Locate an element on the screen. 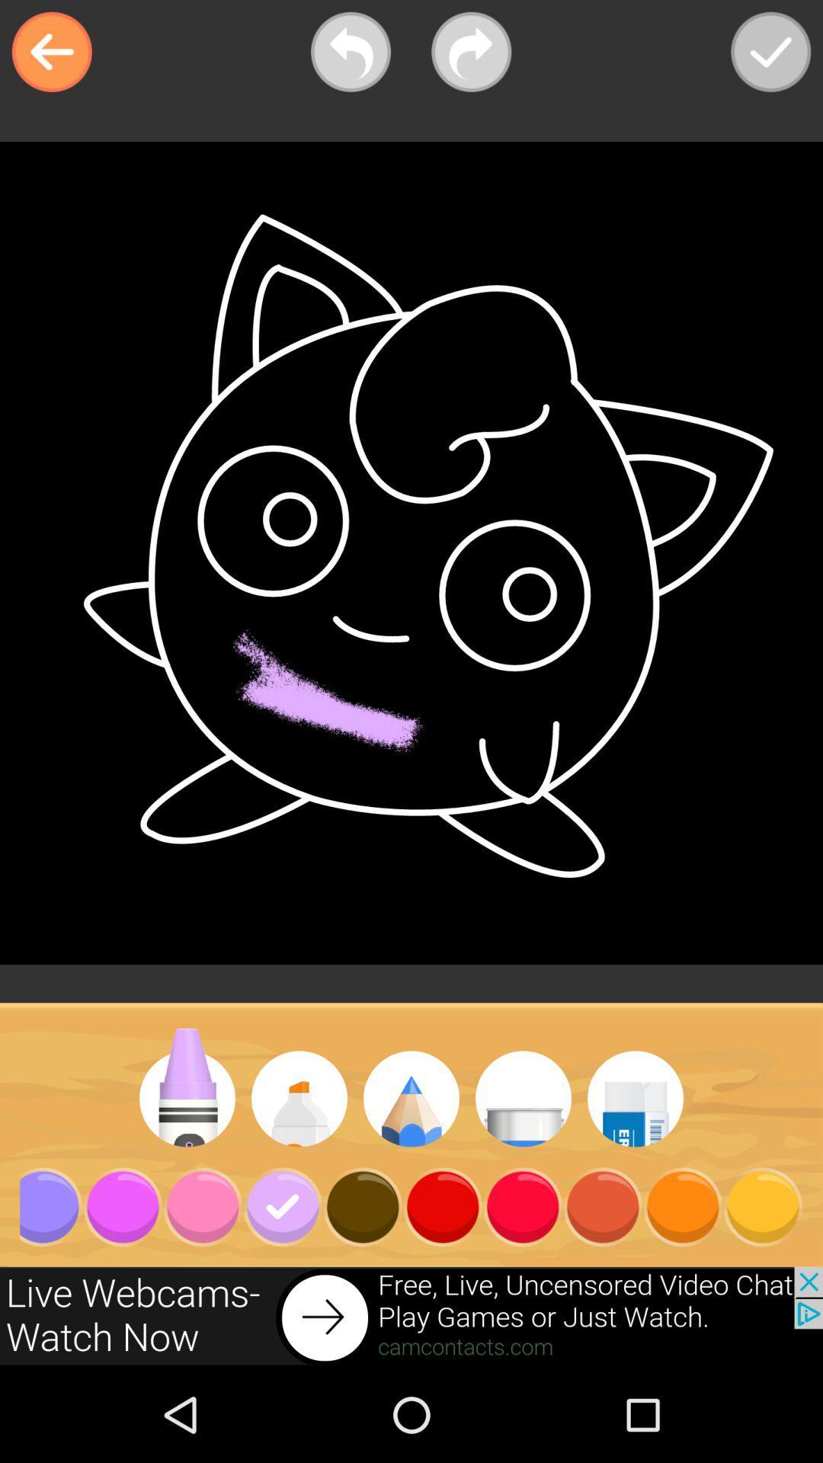 The height and width of the screenshot is (1463, 823). previous image is located at coordinates (351, 52).